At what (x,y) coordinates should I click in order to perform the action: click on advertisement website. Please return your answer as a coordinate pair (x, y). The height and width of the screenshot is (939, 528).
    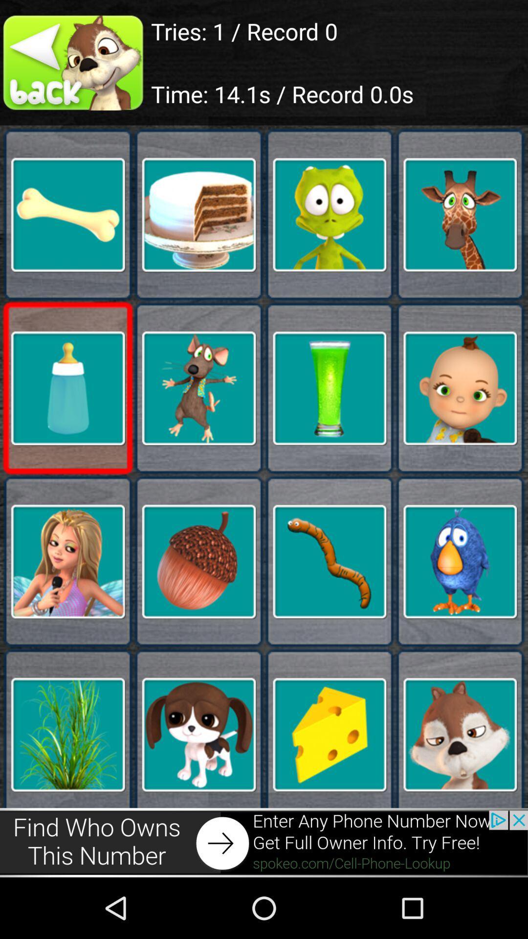
    Looking at the image, I should click on (264, 842).